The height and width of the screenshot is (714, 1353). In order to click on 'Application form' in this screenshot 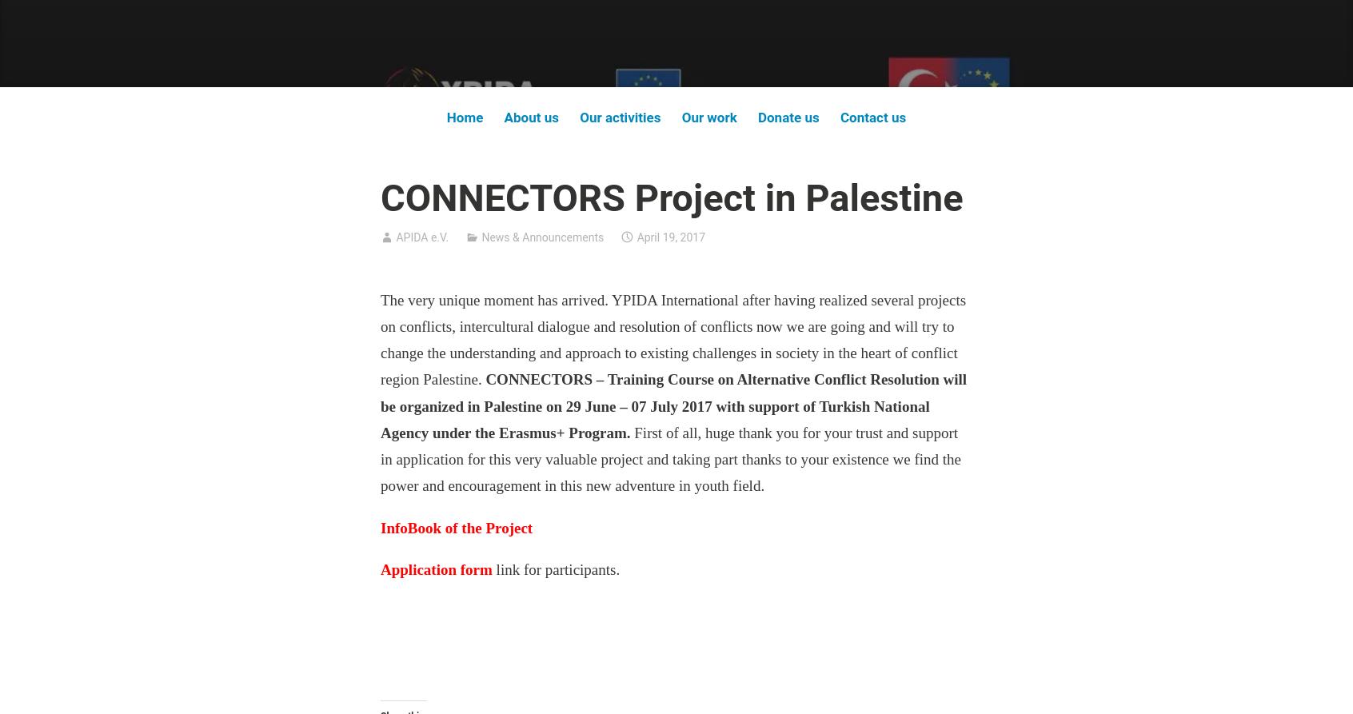, I will do `click(379, 568)`.